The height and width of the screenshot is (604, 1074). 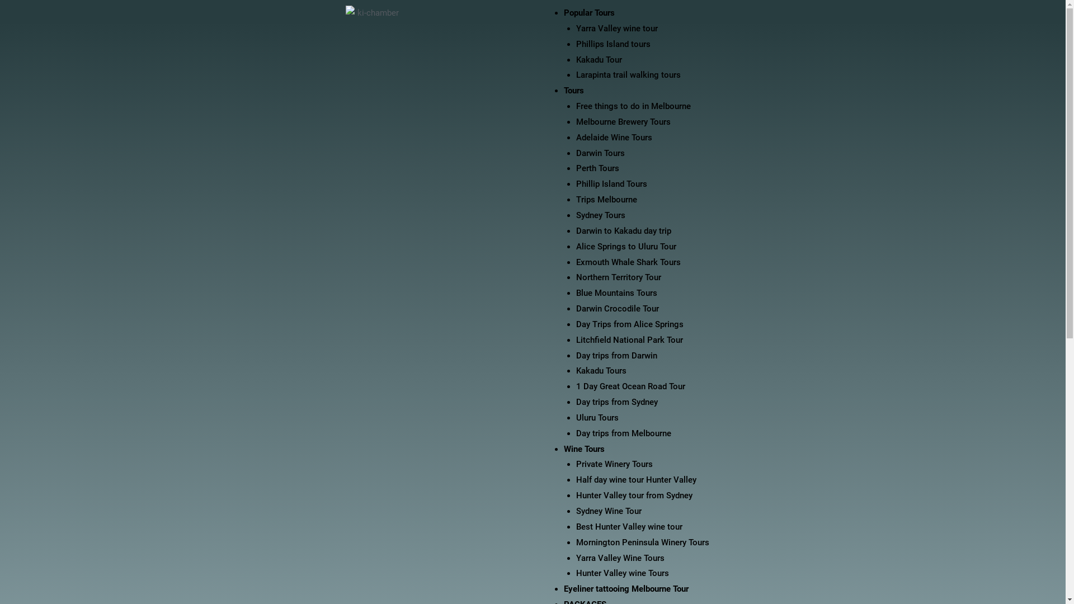 What do you see at coordinates (629, 526) in the screenshot?
I see `'Best Hunter Valley wine tour'` at bounding box center [629, 526].